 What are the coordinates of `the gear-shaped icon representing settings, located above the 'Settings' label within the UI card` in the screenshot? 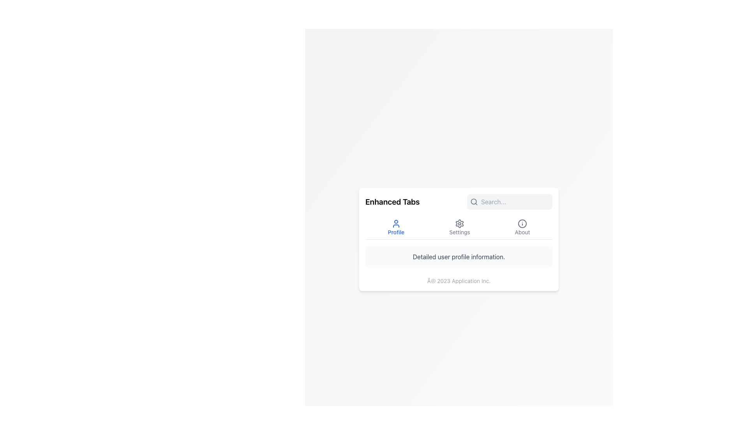 It's located at (459, 223).